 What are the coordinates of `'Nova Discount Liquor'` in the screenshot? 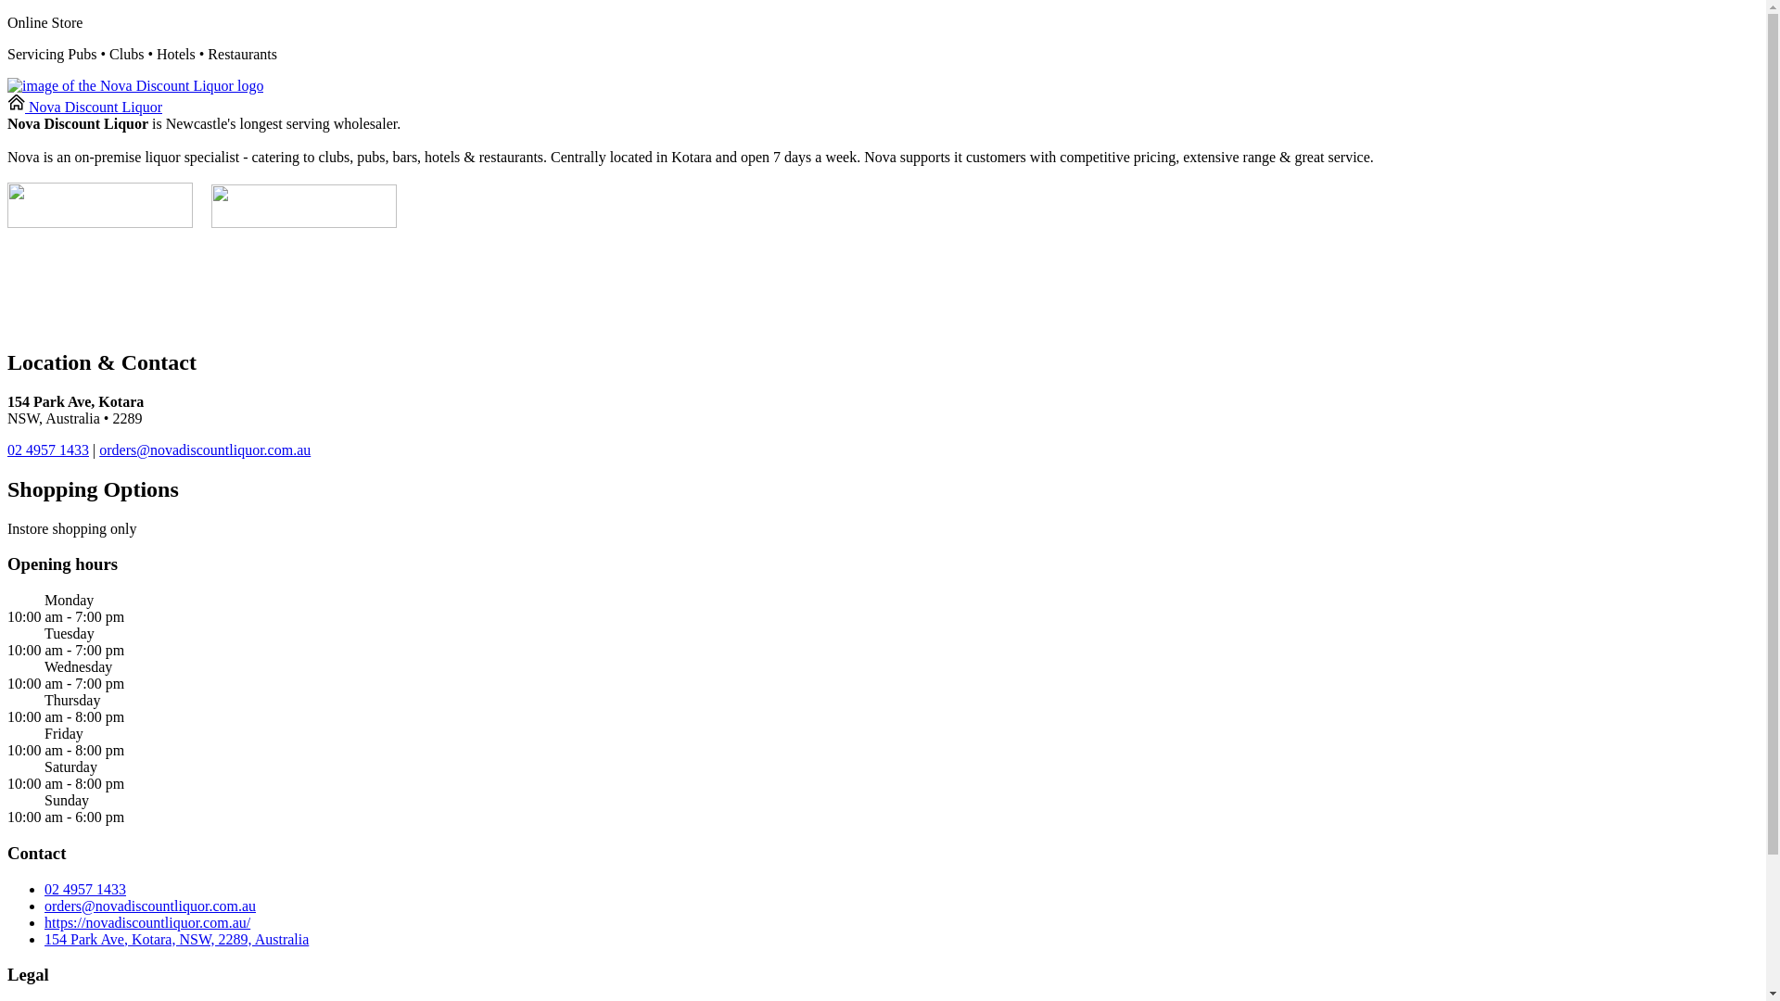 It's located at (83, 107).